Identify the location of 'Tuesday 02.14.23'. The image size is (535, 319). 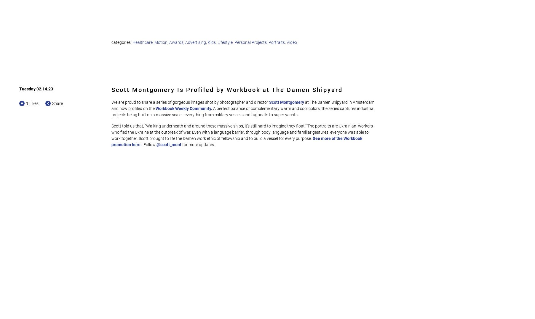
(36, 88).